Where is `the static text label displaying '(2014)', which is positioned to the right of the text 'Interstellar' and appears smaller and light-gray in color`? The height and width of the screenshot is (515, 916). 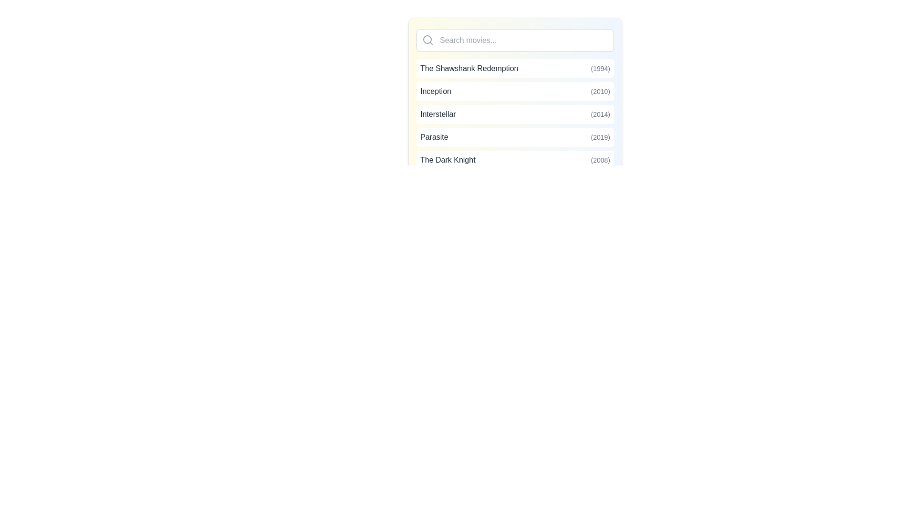 the static text label displaying '(2014)', which is positioned to the right of the text 'Interstellar' and appears smaller and light-gray in color is located at coordinates (600, 113).